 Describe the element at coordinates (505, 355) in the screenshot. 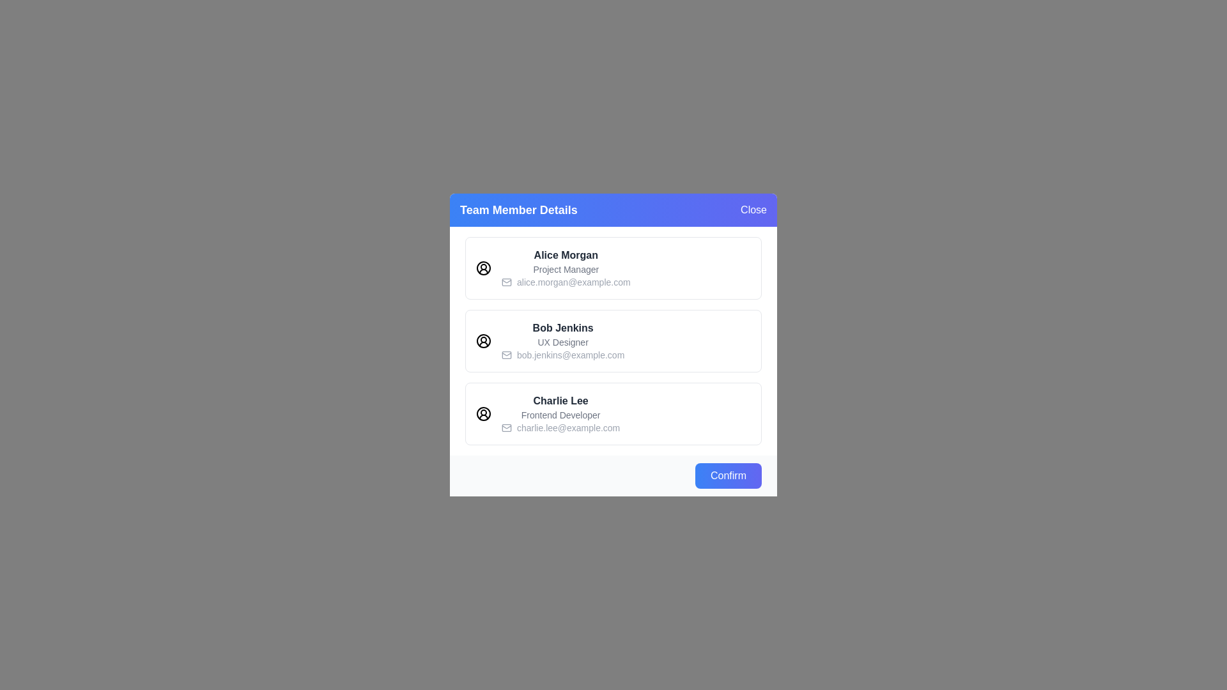

I see `the email icon component within the envelope illustration on the second user information card for 'Bob Jenkins'` at that location.